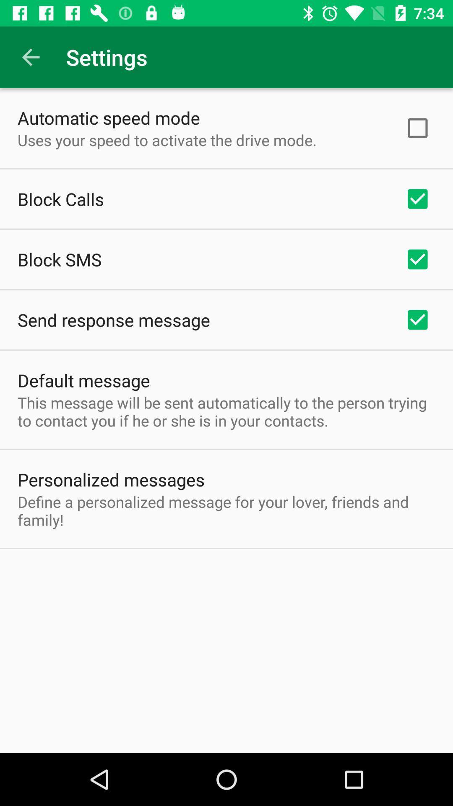 The width and height of the screenshot is (453, 806). I want to click on item above the this message will icon, so click(83, 380).